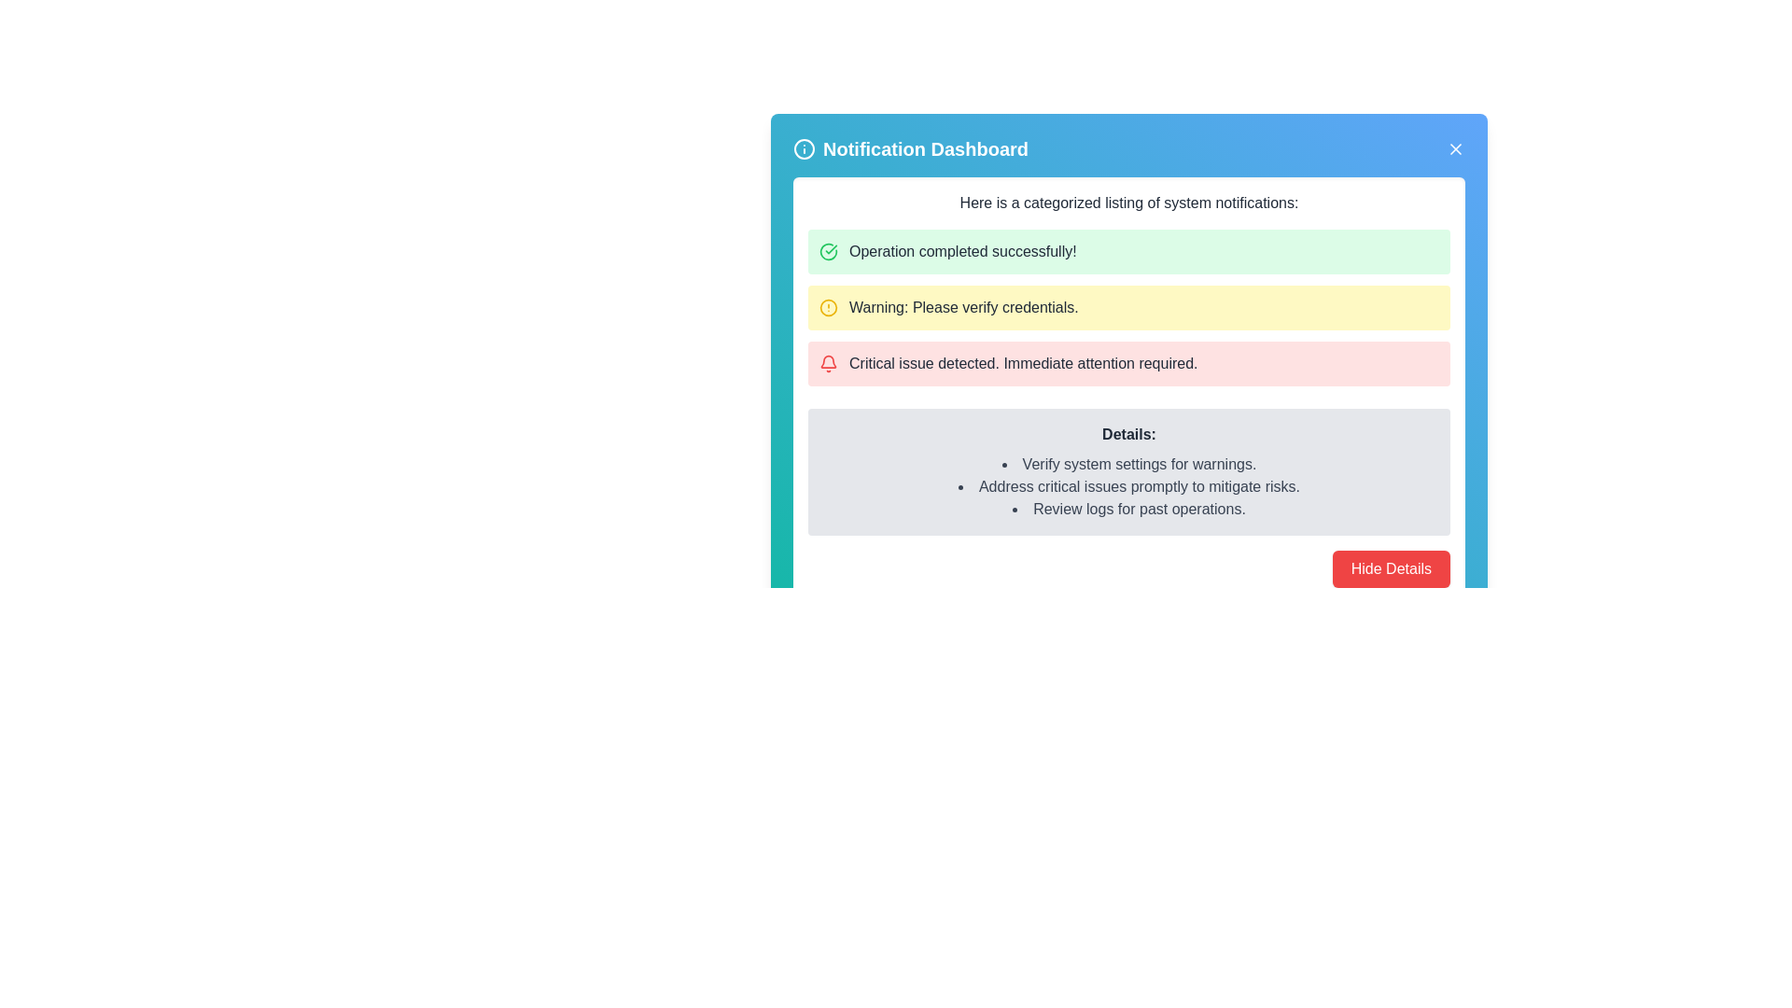 The width and height of the screenshot is (1792, 1008). What do you see at coordinates (828, 363) in the screenshot?
I see `the red bell icon for alerts, which is located at the left side of the 'Critical issue detected. Immediate attention required.' alert panel in the notification dashboard` at bounding box center [828, 363].